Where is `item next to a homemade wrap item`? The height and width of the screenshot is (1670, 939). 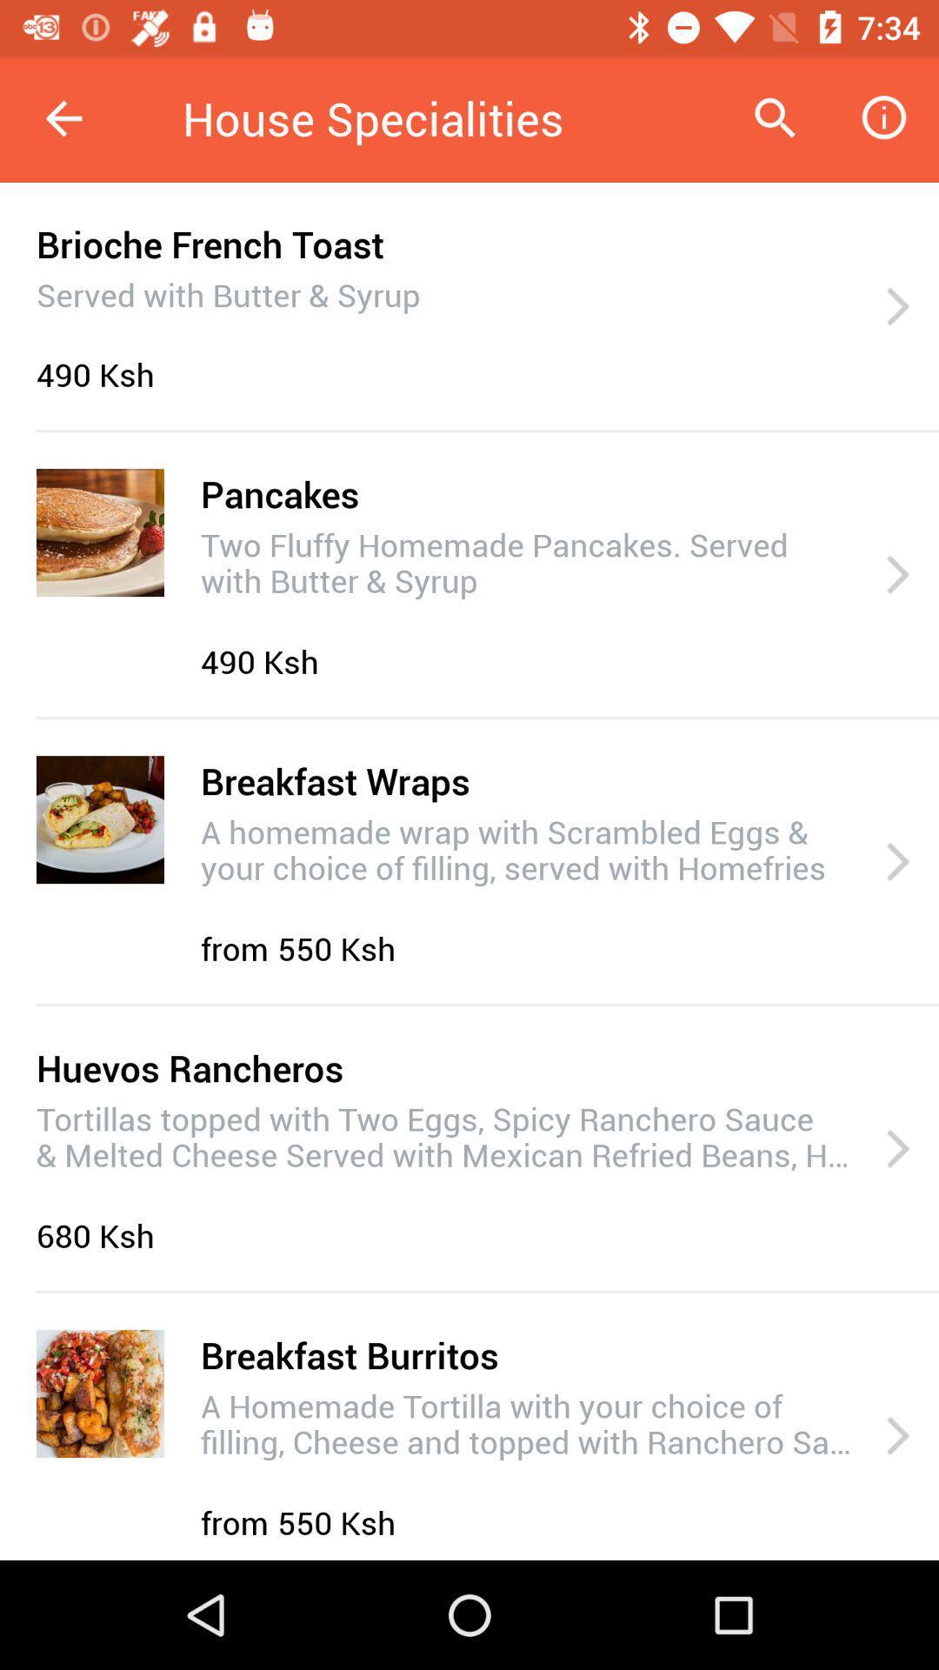
item next to a homemade wrap item is located at coordinates (897, 862).